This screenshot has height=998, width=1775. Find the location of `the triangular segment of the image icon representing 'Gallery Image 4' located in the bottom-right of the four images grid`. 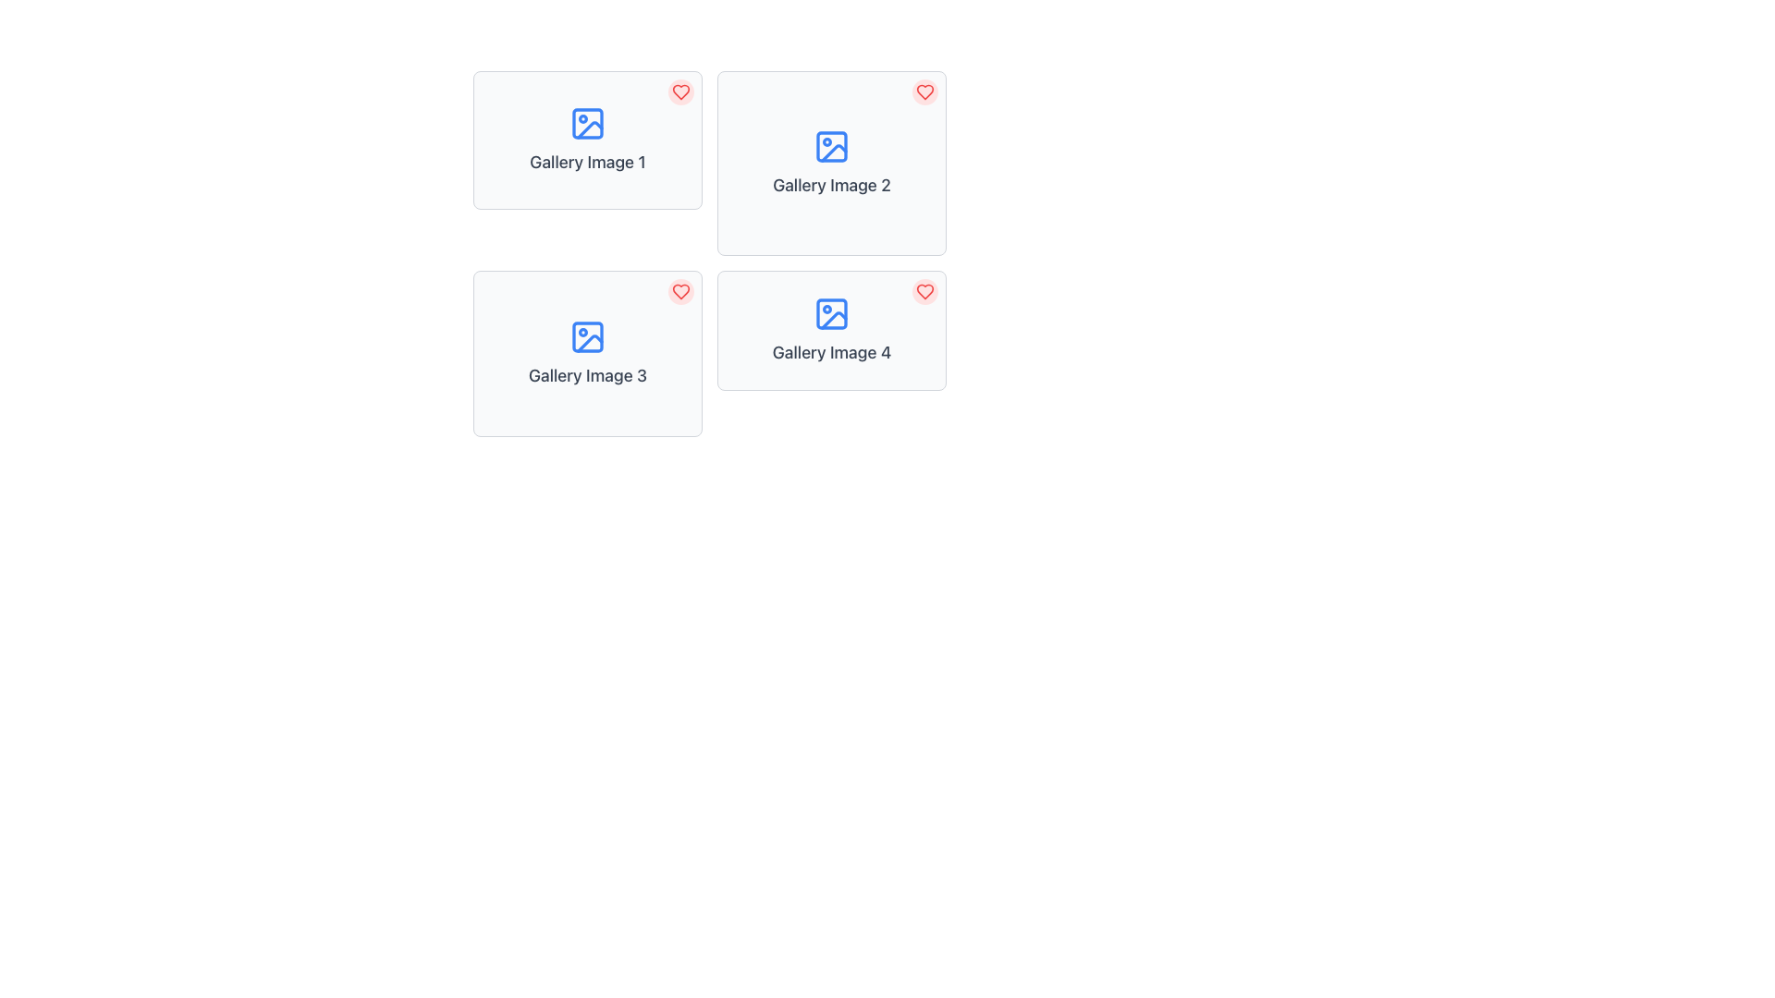

the triangular segment of the image icon representing 'Gallery Image 4' located in the bottom-right of the four images grid is located at coordinates (833, 319).